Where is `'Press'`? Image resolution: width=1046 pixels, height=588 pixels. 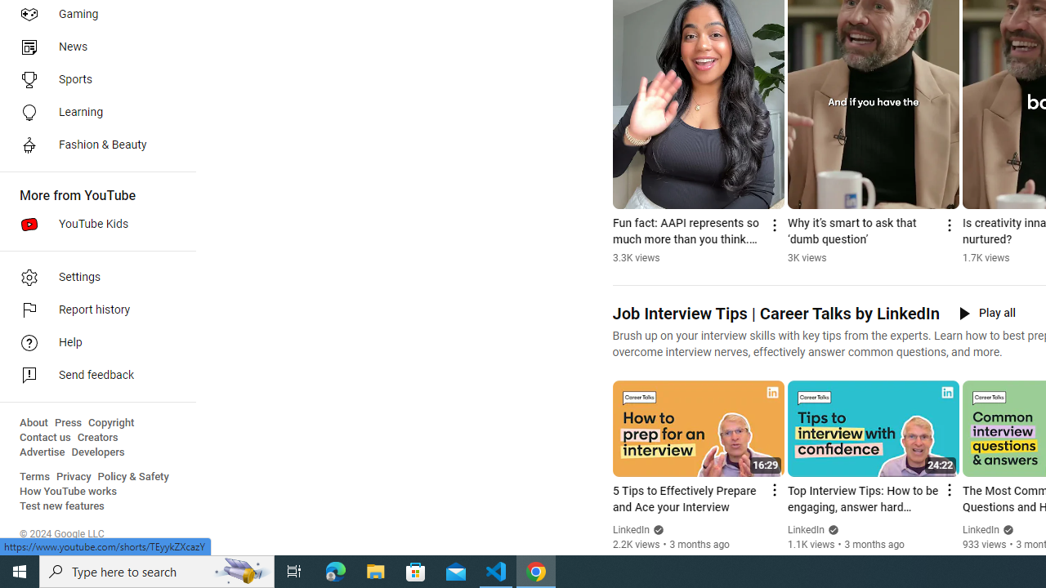 'Press' is located at coordinates (67, 422).